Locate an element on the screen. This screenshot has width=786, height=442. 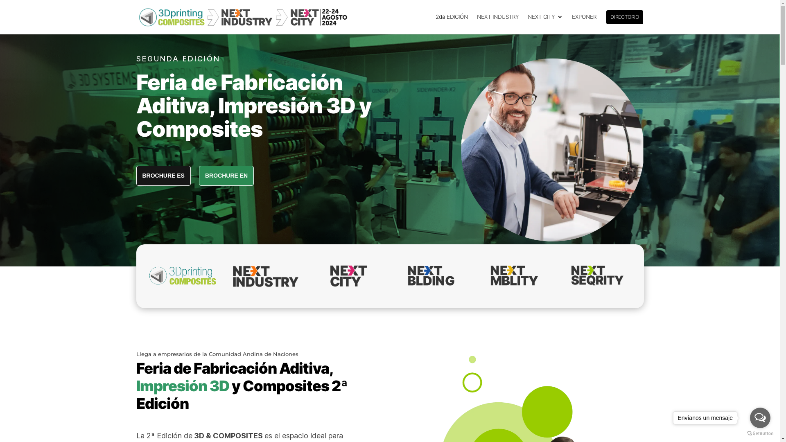
'EXPONER' is located at coordinates (583, 23).